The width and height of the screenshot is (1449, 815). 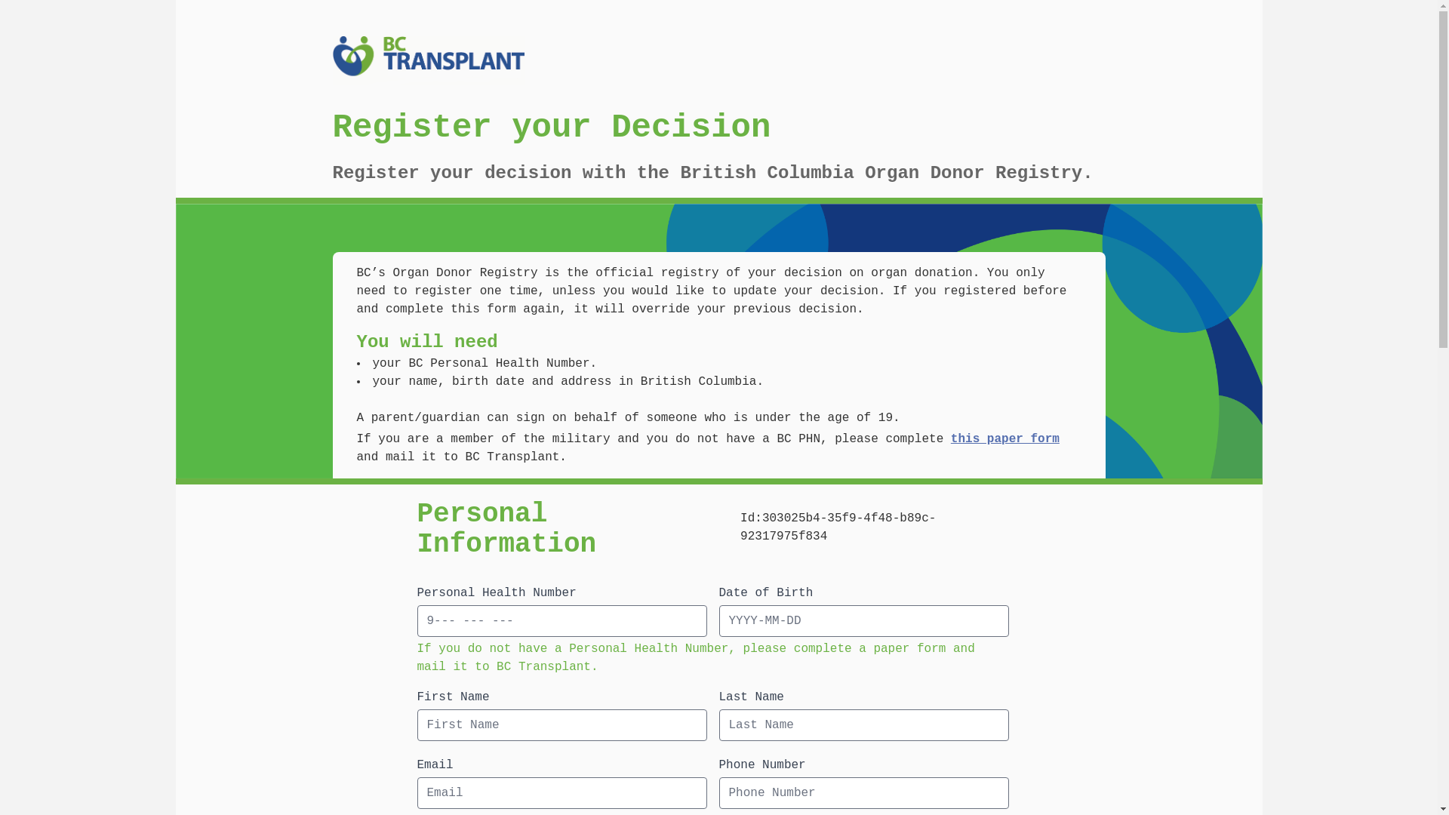 I want to click on 'this paper form', so click(x=1004, y=439).